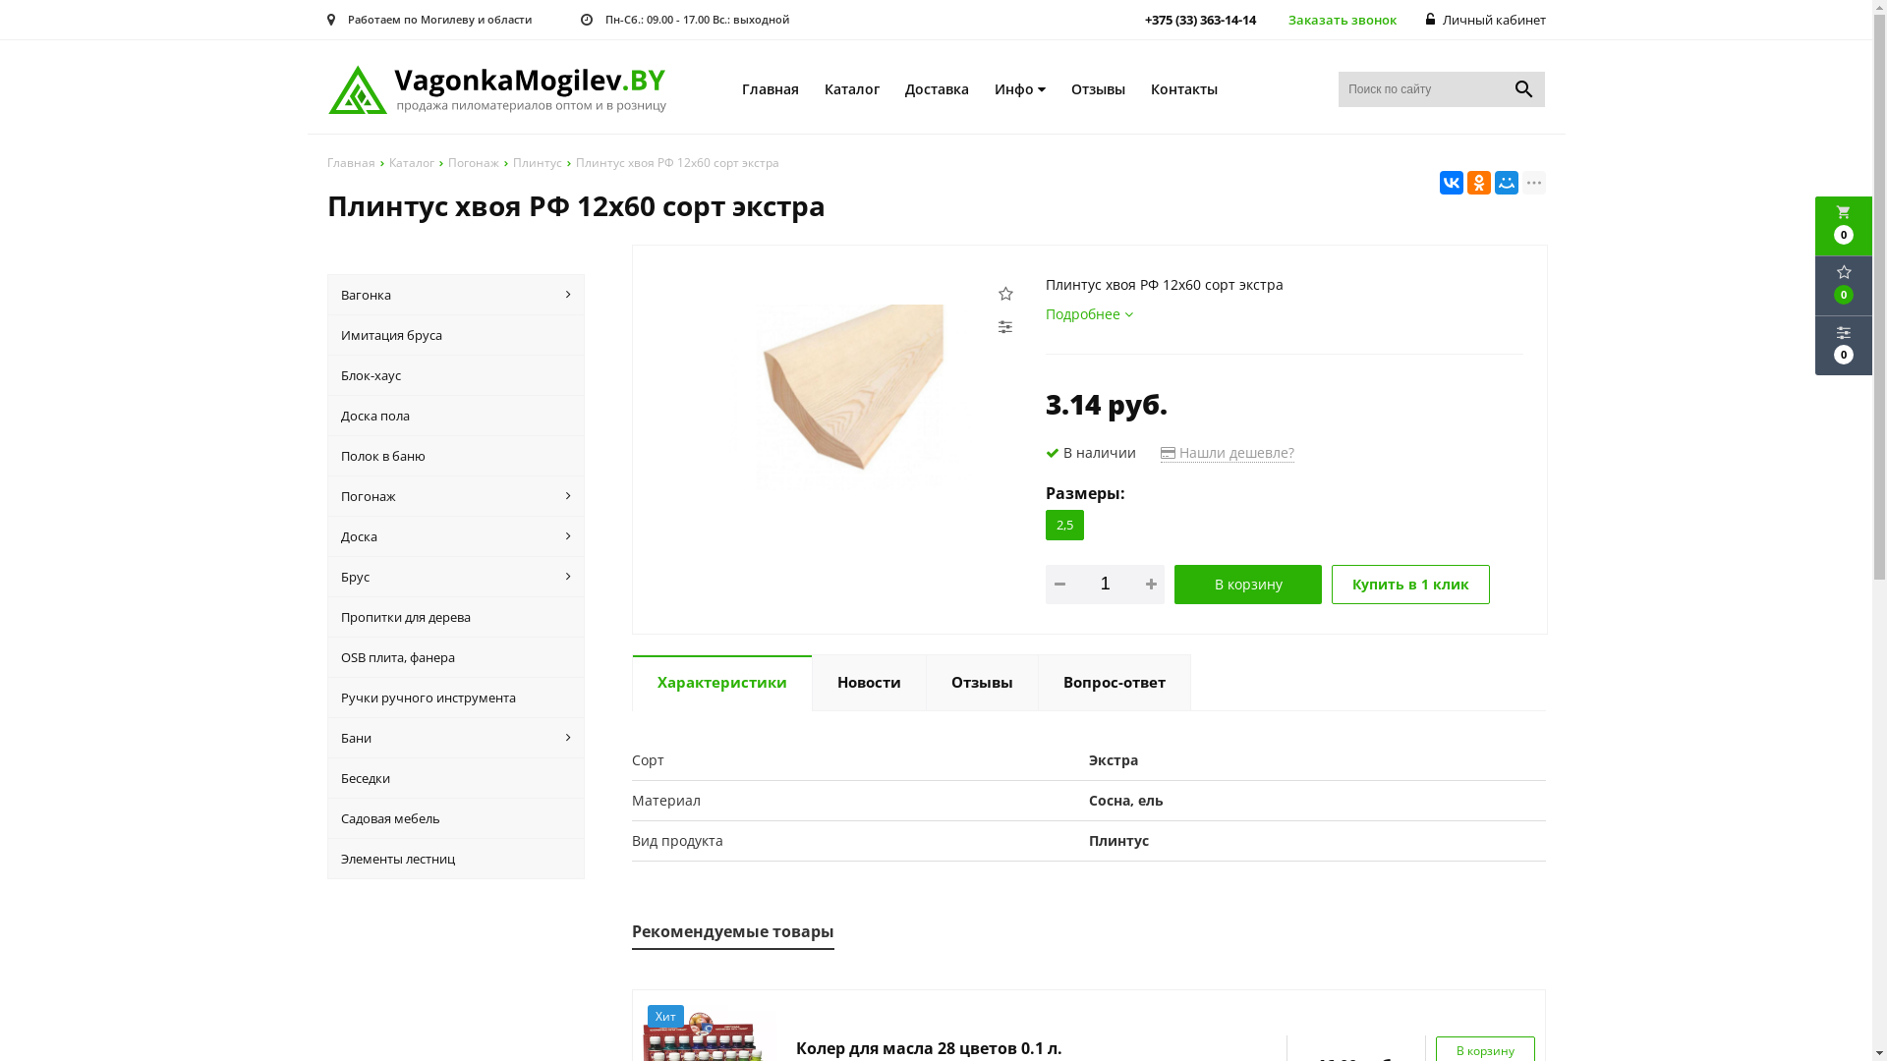 The width and height of the screenshot is (1887, 1061). Describe the element at coordinates (1198, 19) in the screenshot. I see `'+375 (33) 363-14-14'` at that location.